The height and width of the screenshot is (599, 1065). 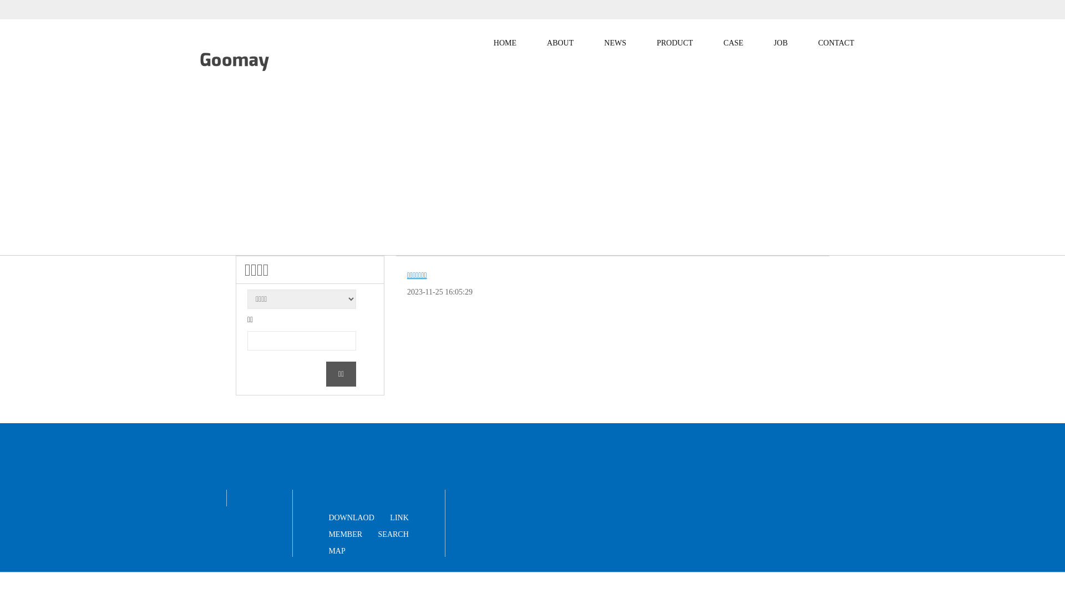 I want to click on 'JOB', so click(x=780, y=42).